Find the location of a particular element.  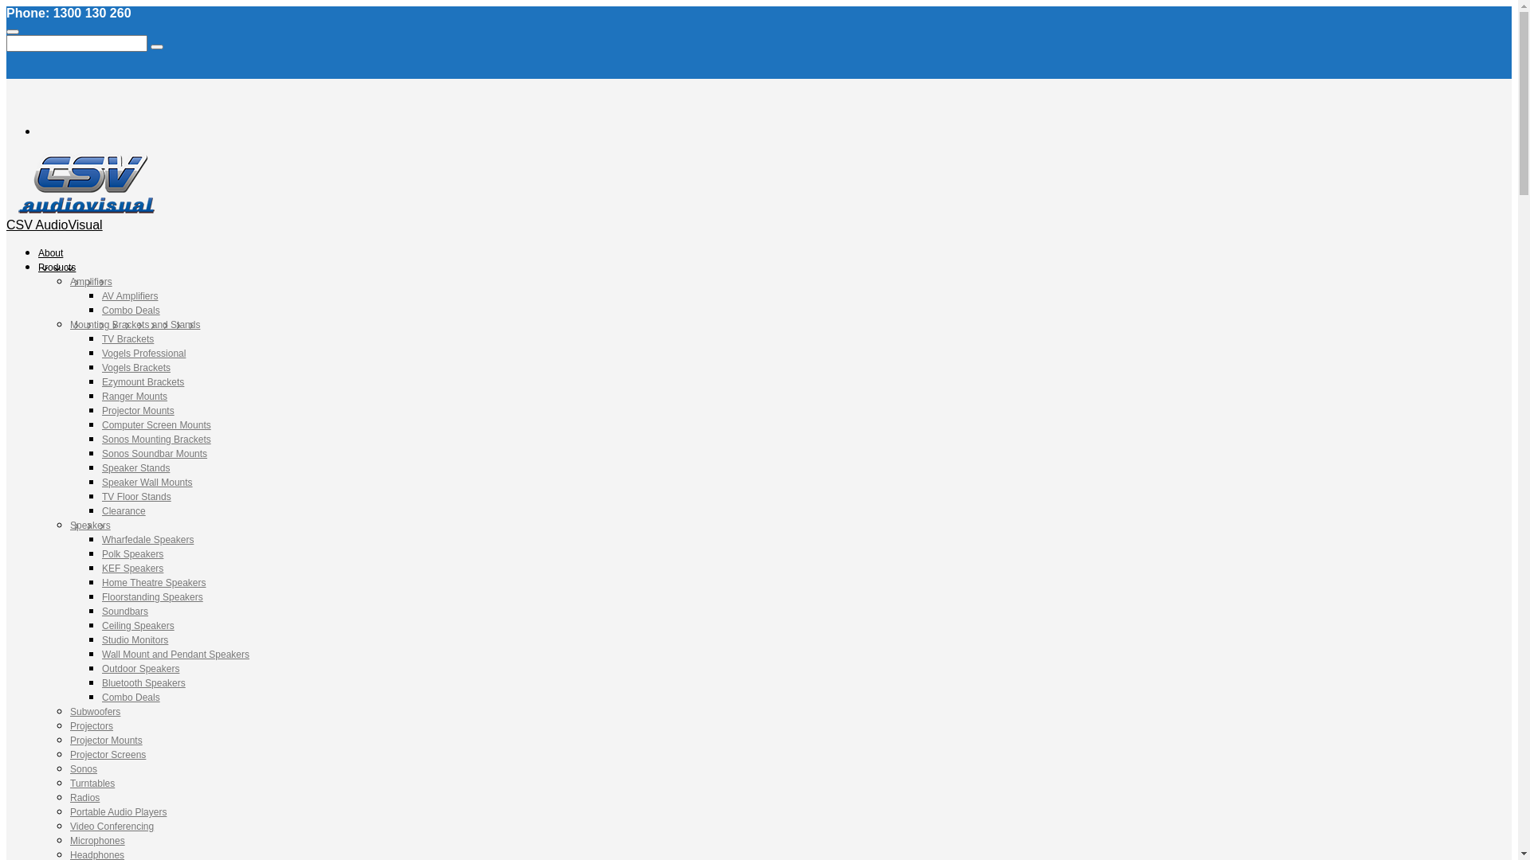

'Home Theatre Speakers' is located at coordinates (154, 583).